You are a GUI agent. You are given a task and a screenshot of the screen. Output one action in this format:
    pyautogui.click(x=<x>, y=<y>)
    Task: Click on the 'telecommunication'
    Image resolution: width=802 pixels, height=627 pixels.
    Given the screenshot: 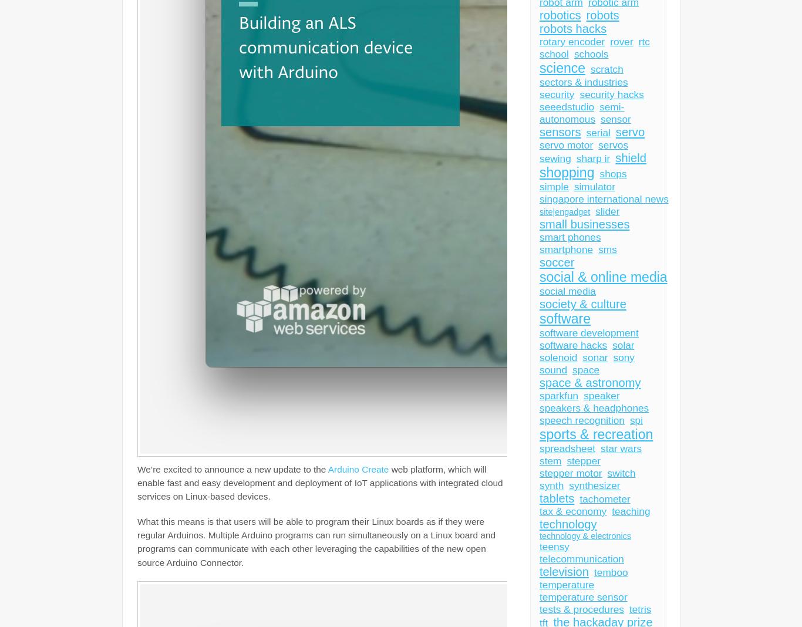 What is the action you would take?
    pyautogui.click(x=581, y=559)
    